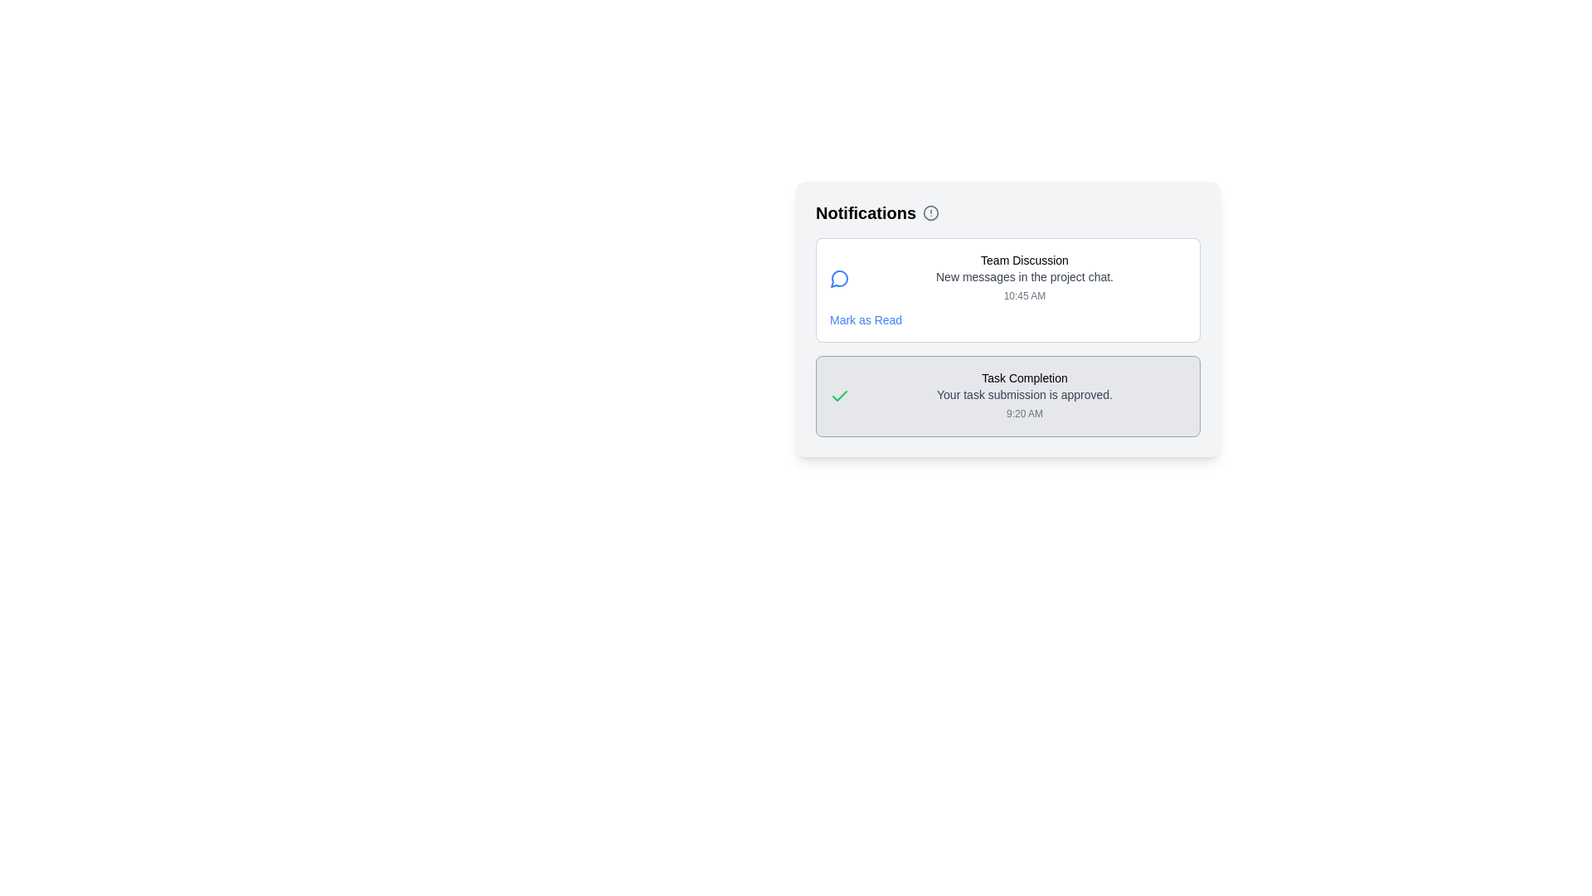 The height and width of the screenshot is (896, 1592). Describe the element at coordinates (865, 319) in the screenshot. I see `the interactive link that marks the notification as read, located in the bottom-right corner of the notification card for 'Team Discussion', just below the timestamp '10:45 AM'` at that location.